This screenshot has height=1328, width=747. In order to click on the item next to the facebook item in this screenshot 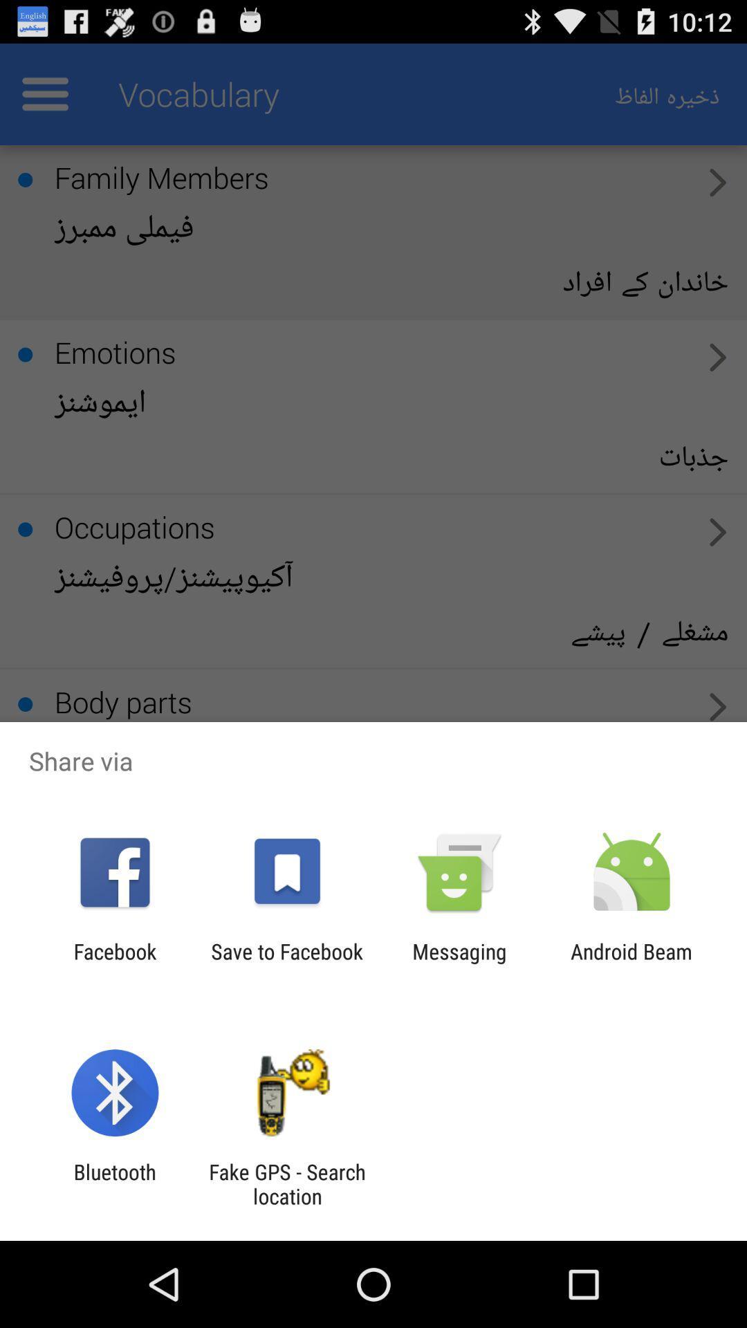, I will do `click(286, 963)`.